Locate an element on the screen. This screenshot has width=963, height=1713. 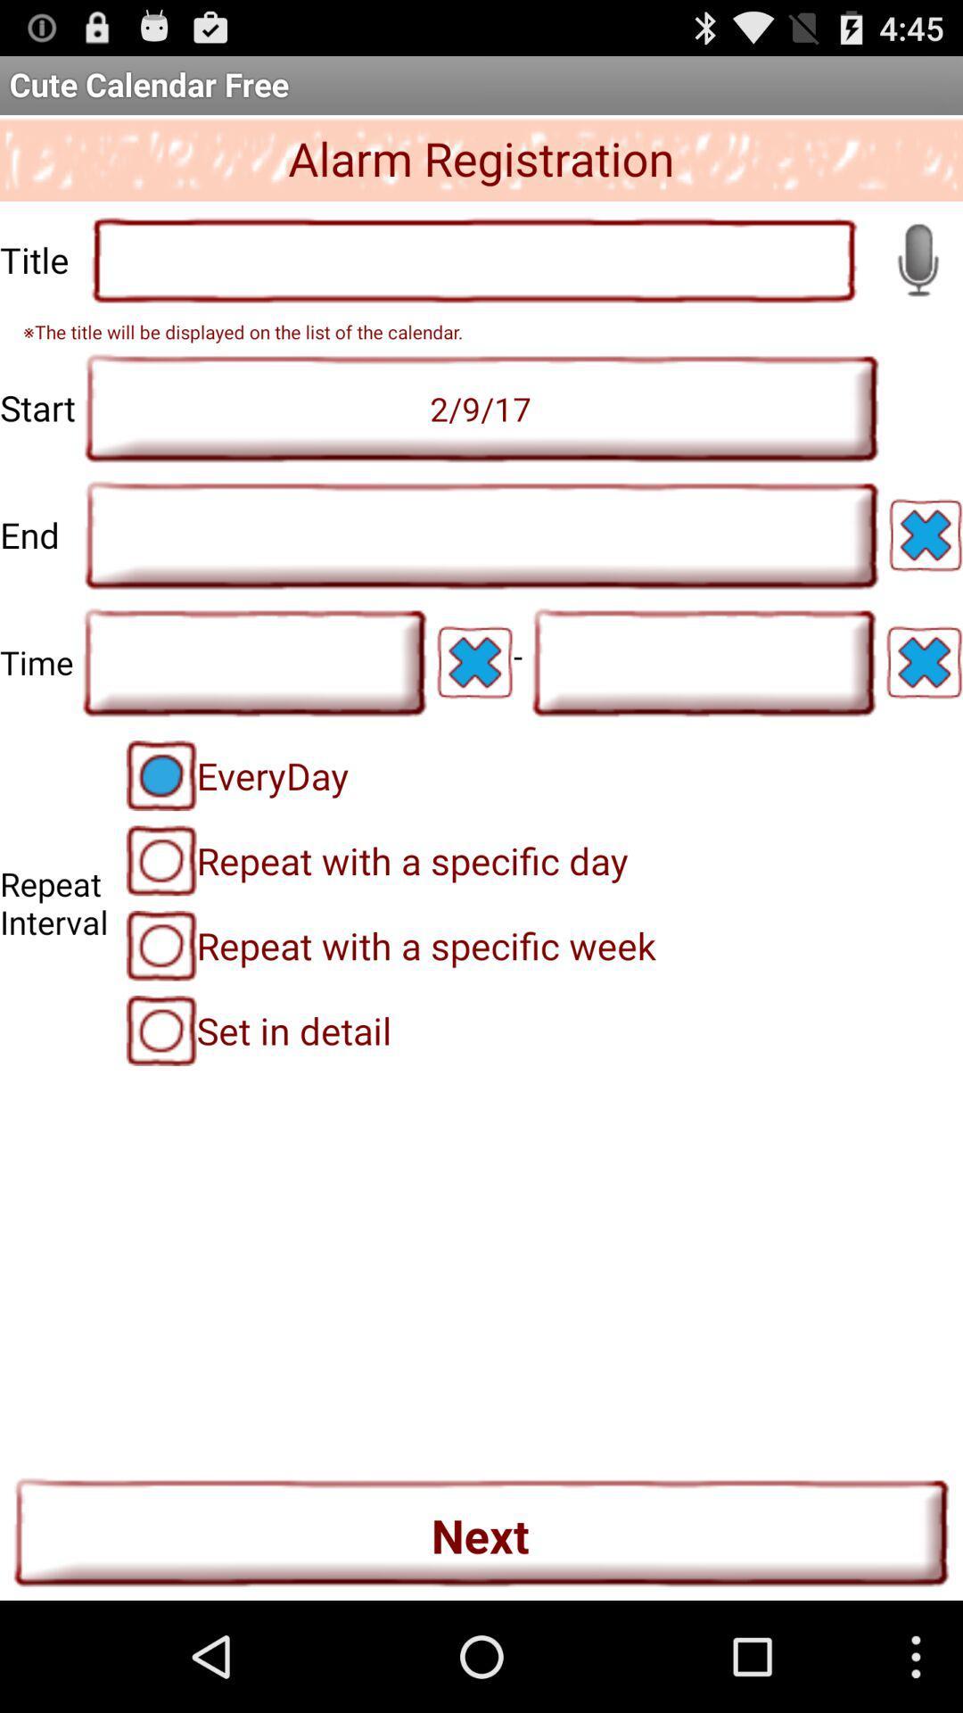
change alarm sound is located at coordinates (918, 259).